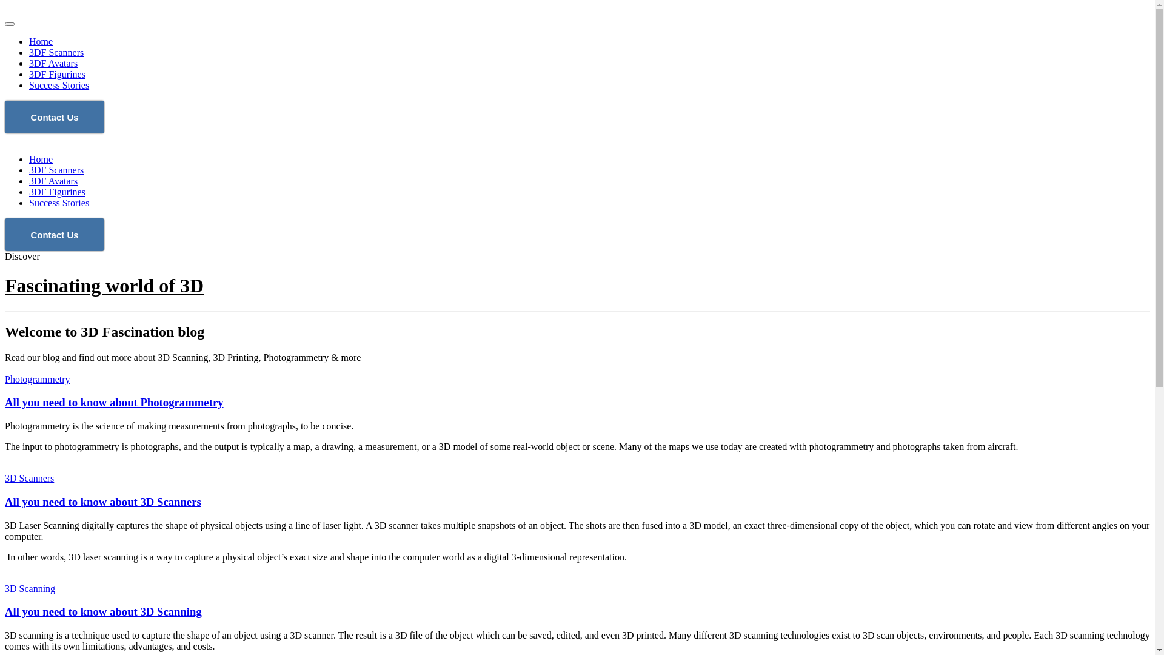 This screenshot has width=1164, height=655. I want to click on 'Home', so click(29, 158).